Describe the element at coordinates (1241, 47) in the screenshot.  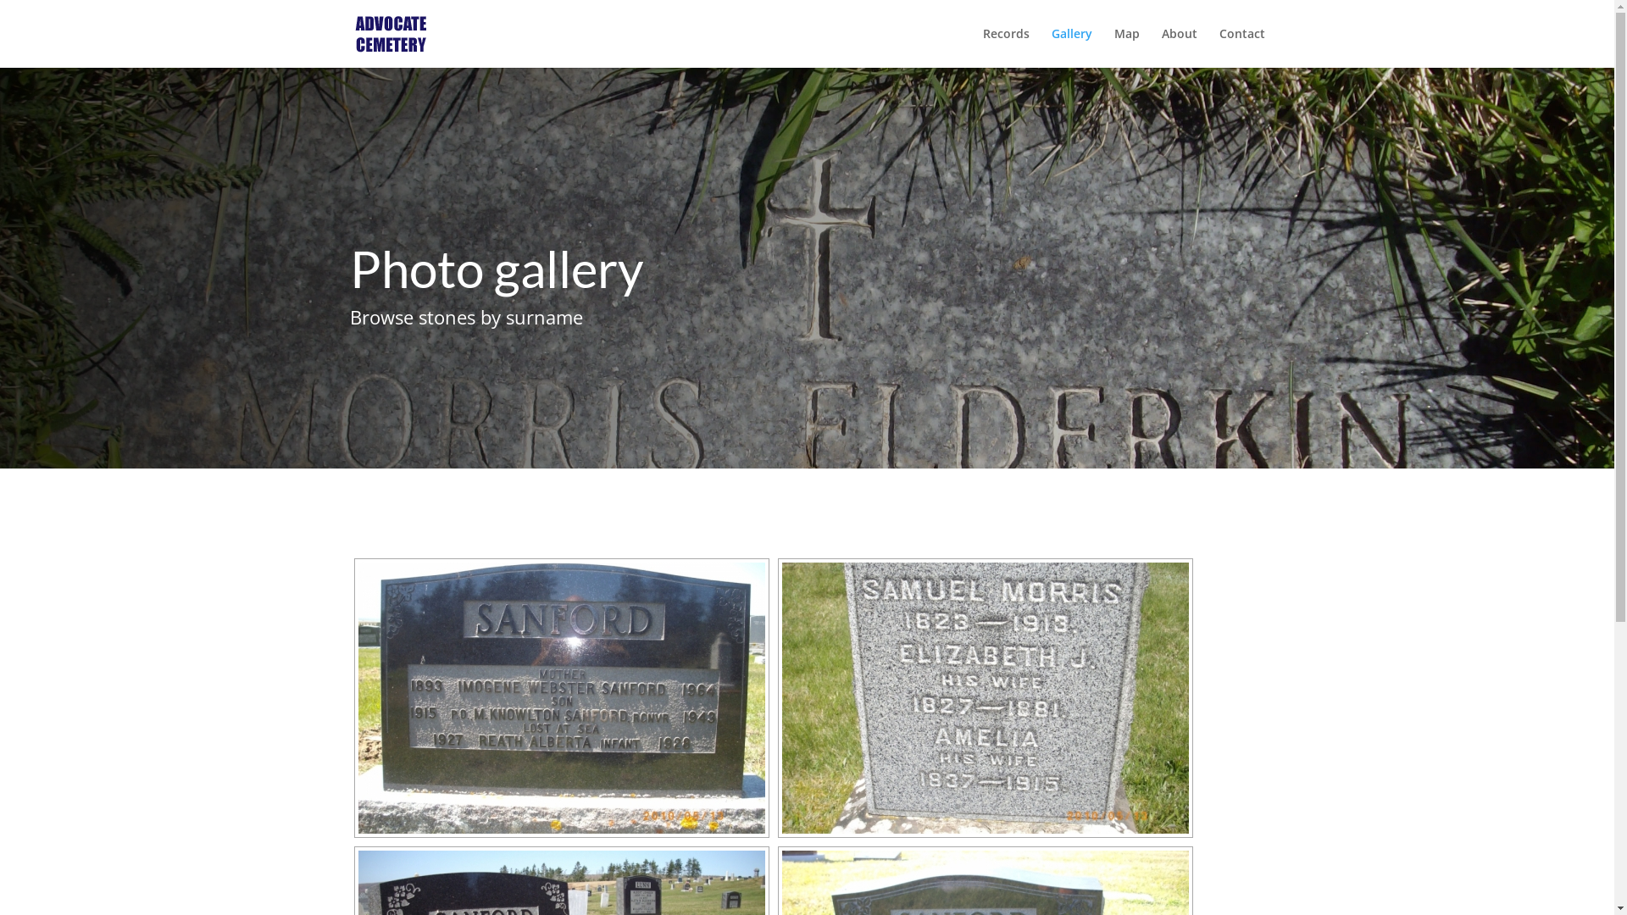
I see `'Contact'` at that location.